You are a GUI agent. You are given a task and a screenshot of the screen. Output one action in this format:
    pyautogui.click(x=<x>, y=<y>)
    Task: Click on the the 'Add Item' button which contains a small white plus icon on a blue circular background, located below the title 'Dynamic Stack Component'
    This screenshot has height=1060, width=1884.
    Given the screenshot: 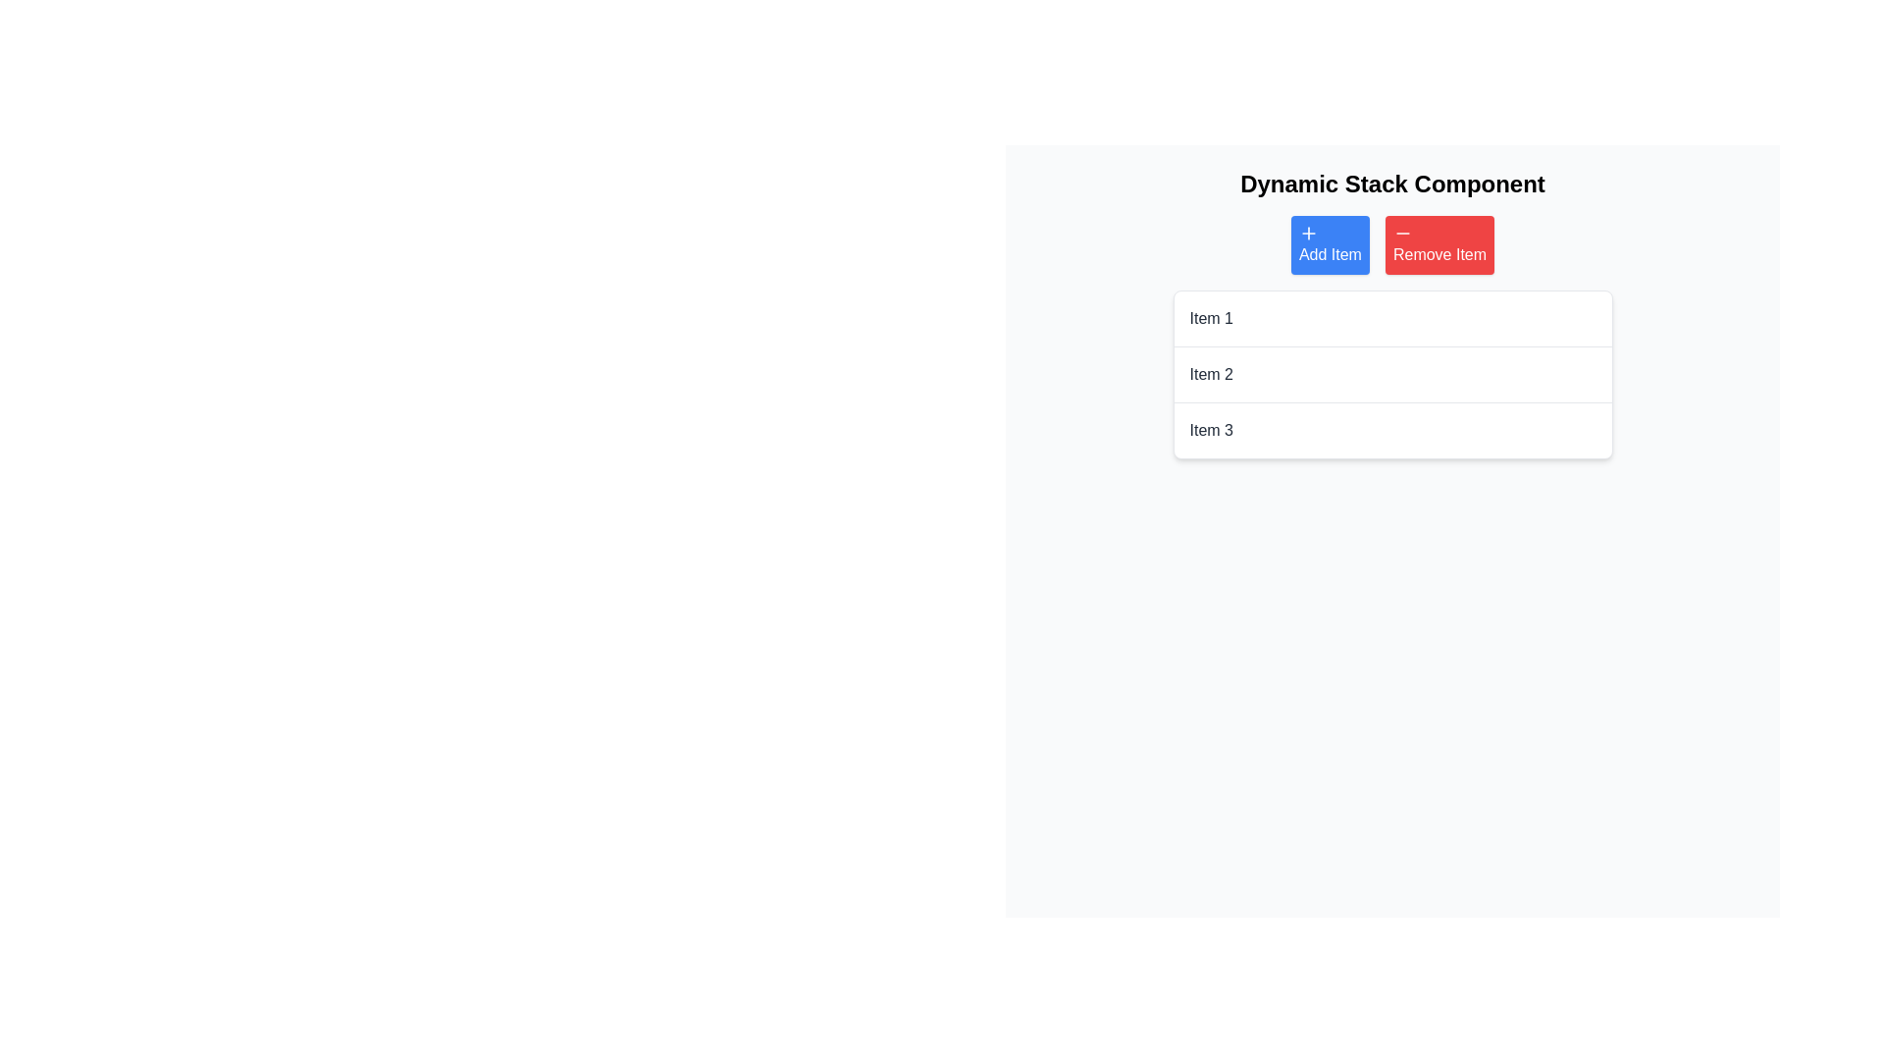 What is the action you would take?
    pyautogui.click(x=1308, y=233)
    